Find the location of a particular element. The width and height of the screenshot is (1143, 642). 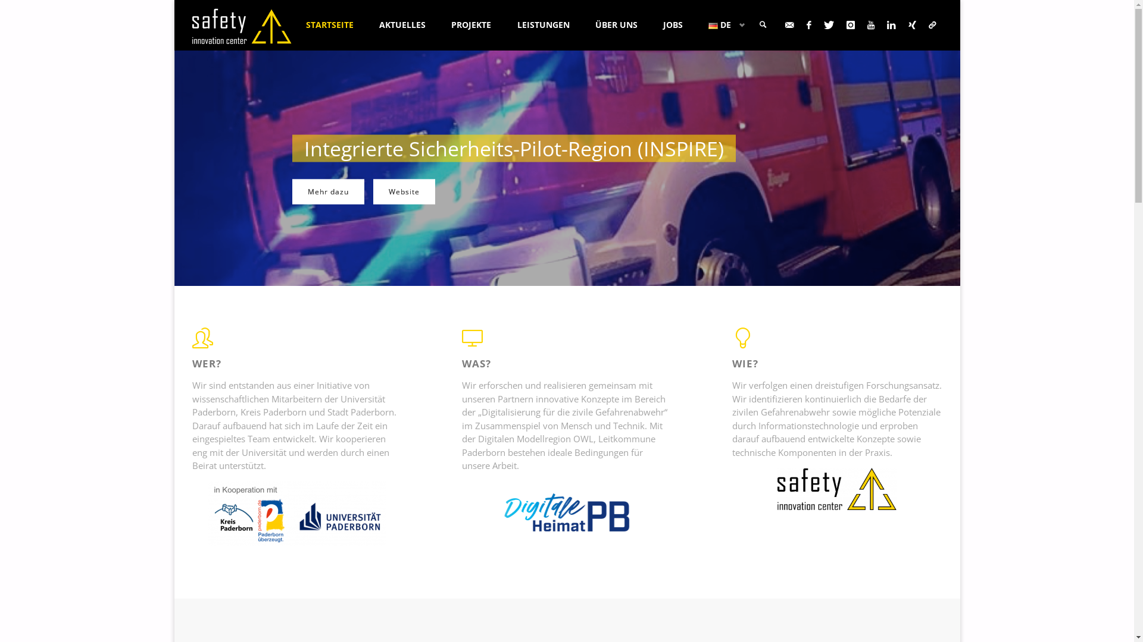

'LEISTUNGEN' is located at coordinates (504, 25).